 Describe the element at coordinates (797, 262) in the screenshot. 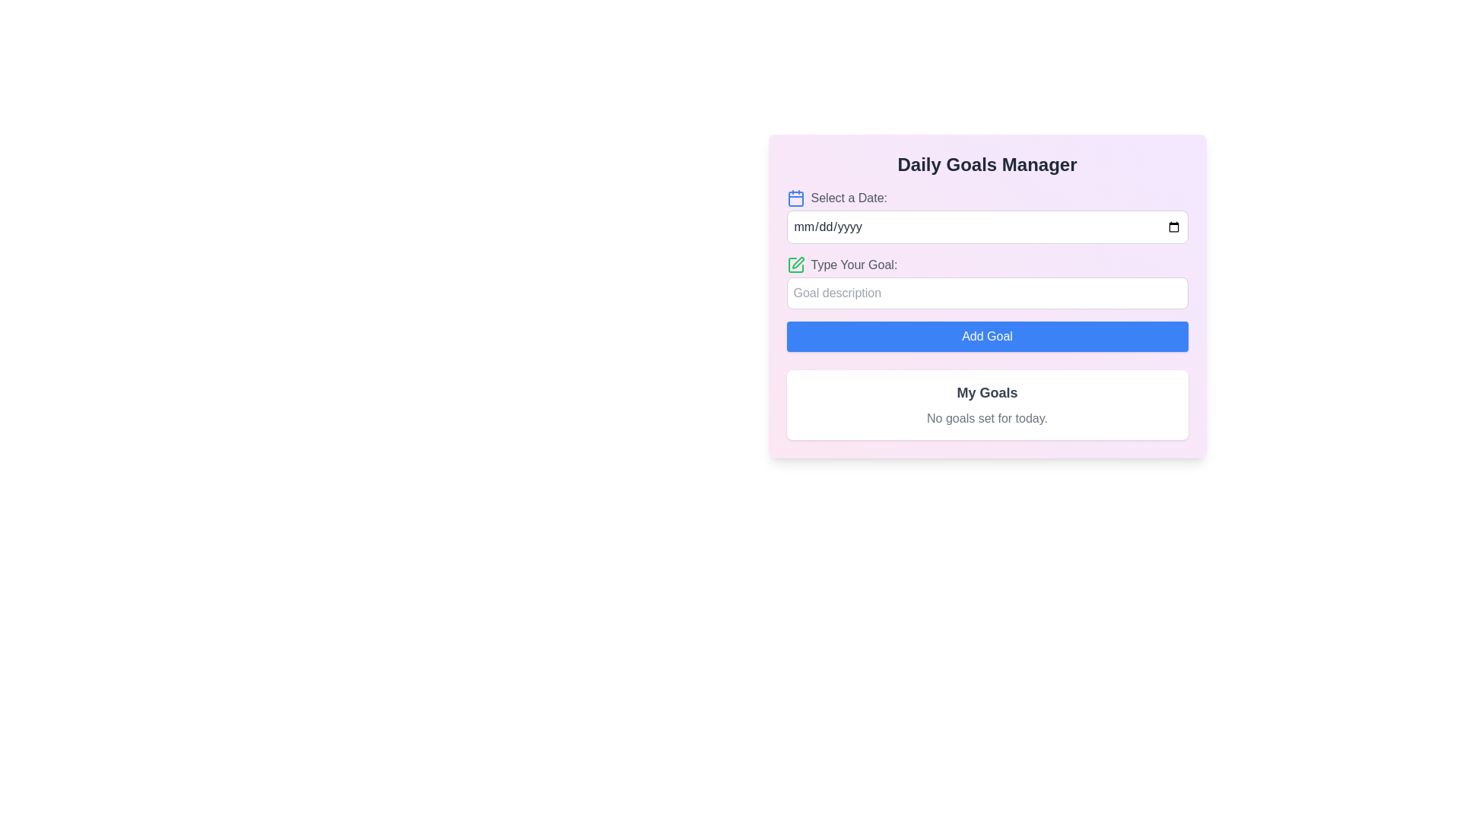

I see `the slanted green pen icon within the square frame` at that location.